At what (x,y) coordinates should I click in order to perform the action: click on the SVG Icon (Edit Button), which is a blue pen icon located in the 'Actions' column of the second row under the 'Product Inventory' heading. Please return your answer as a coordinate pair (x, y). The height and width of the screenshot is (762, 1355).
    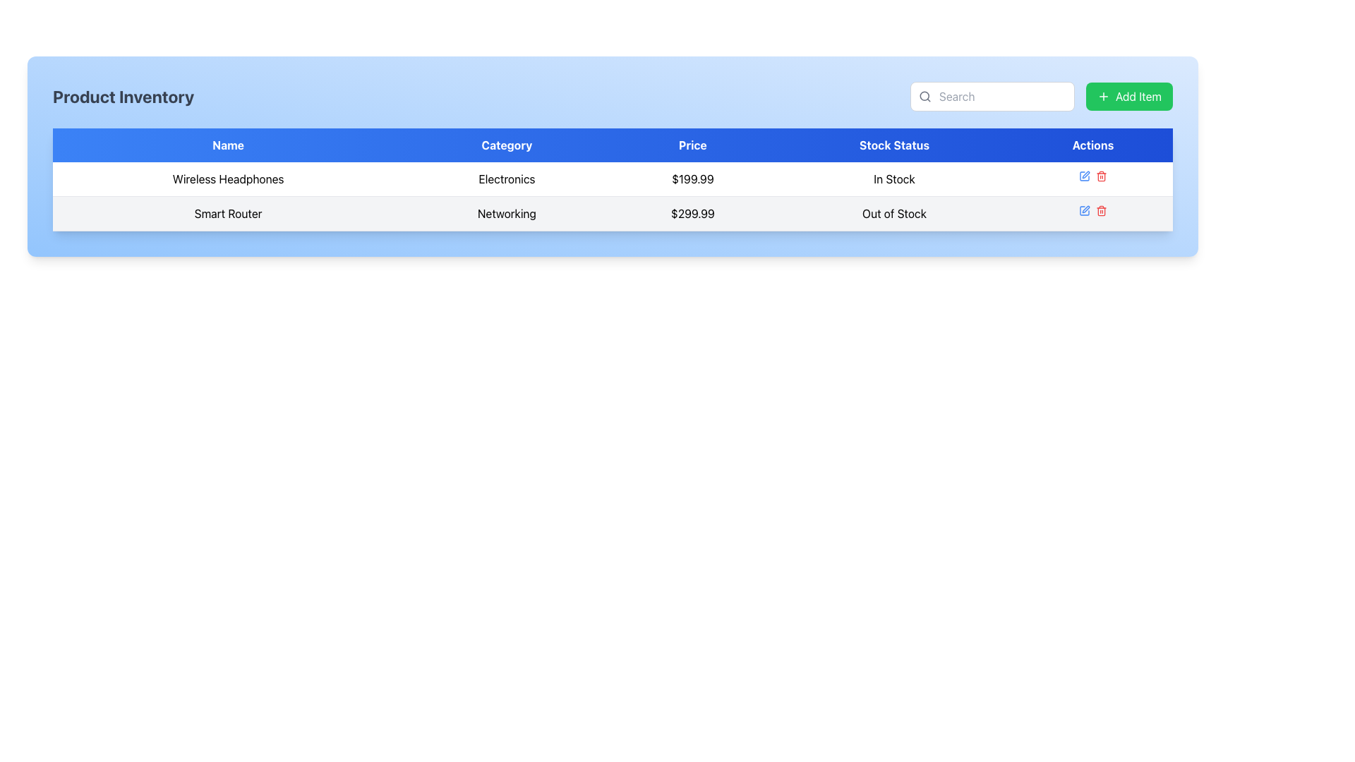
    Looking at the image, I should click on (1085, 174).